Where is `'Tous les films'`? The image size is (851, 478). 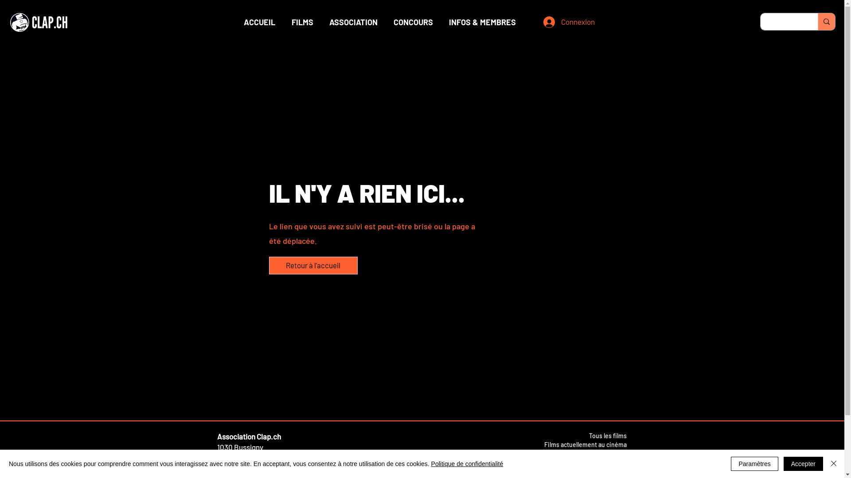 'Tous les films' is located at coordinates (607, 435).